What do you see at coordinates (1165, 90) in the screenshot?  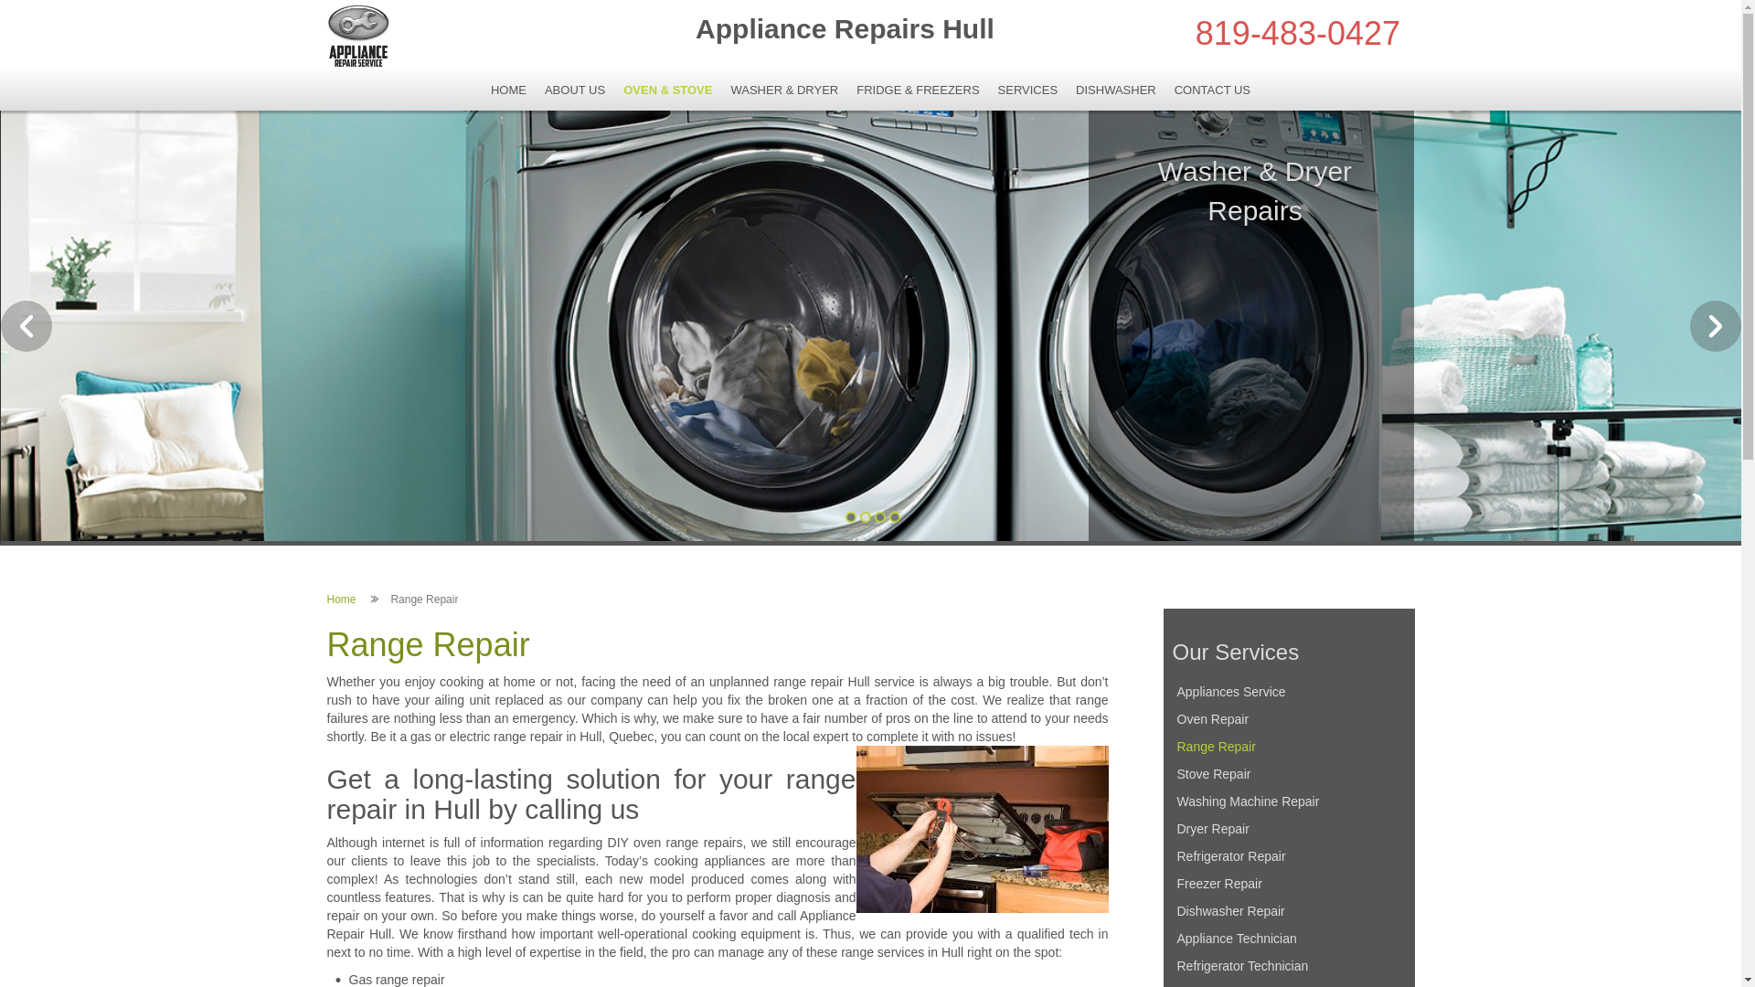 I see `'CONTACT US'` at bounding box center [1165, 90].